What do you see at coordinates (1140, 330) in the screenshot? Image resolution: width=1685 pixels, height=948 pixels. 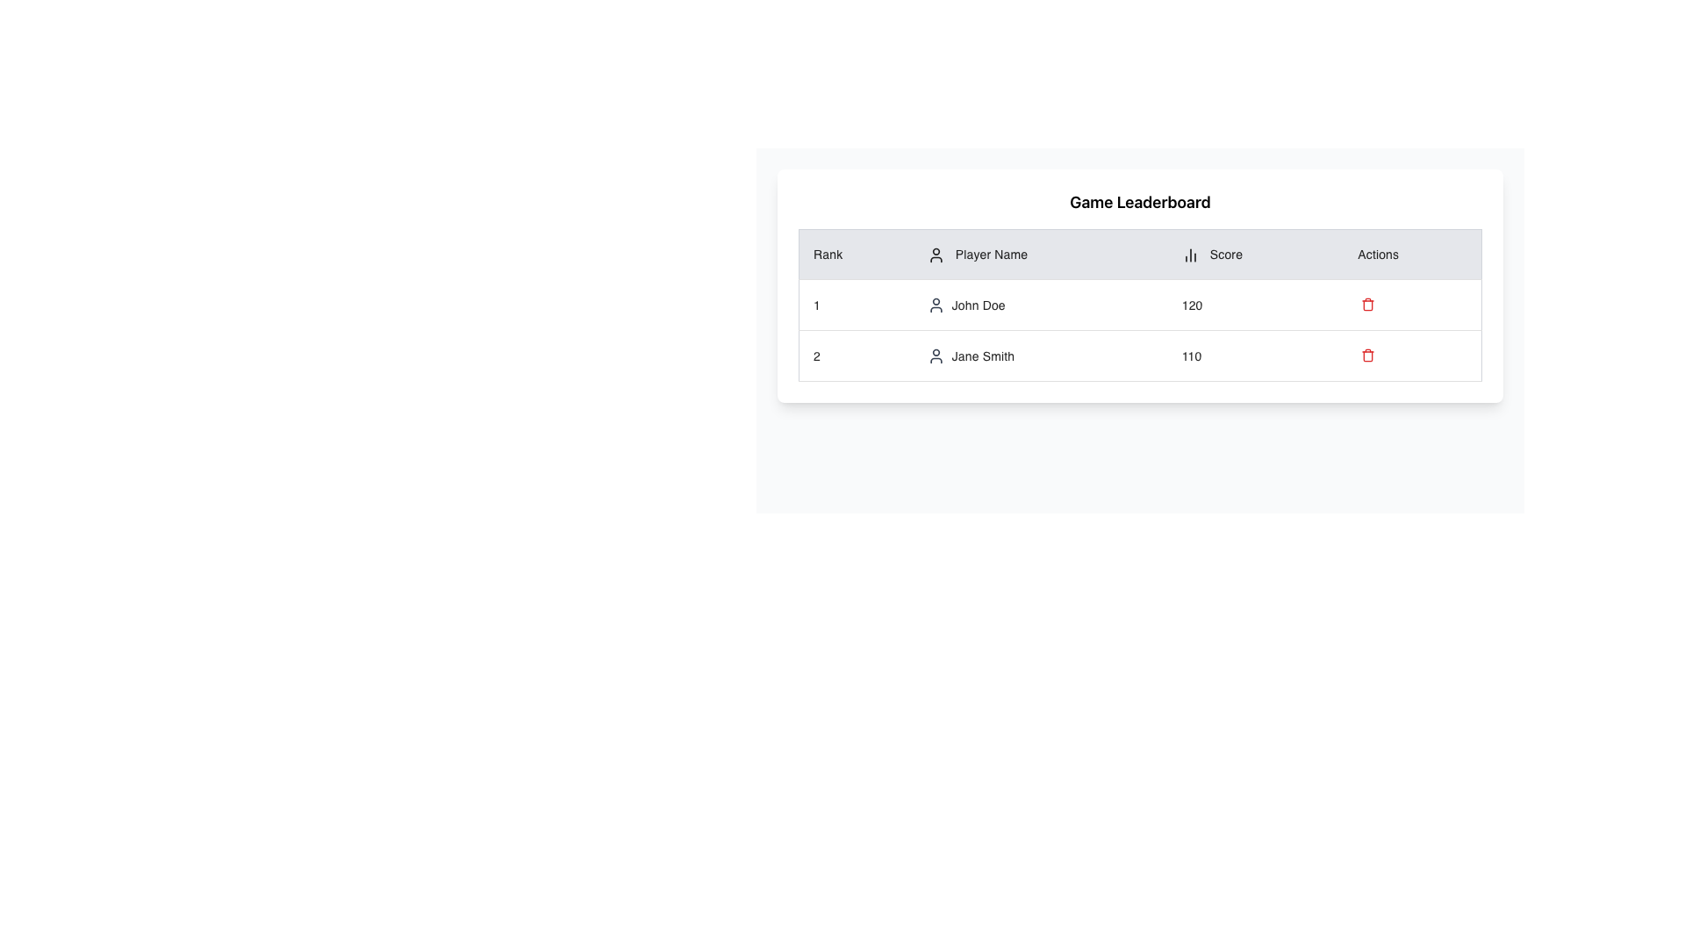 I see `the first row of the leaderboard table` at bounding box center [1140, 330].